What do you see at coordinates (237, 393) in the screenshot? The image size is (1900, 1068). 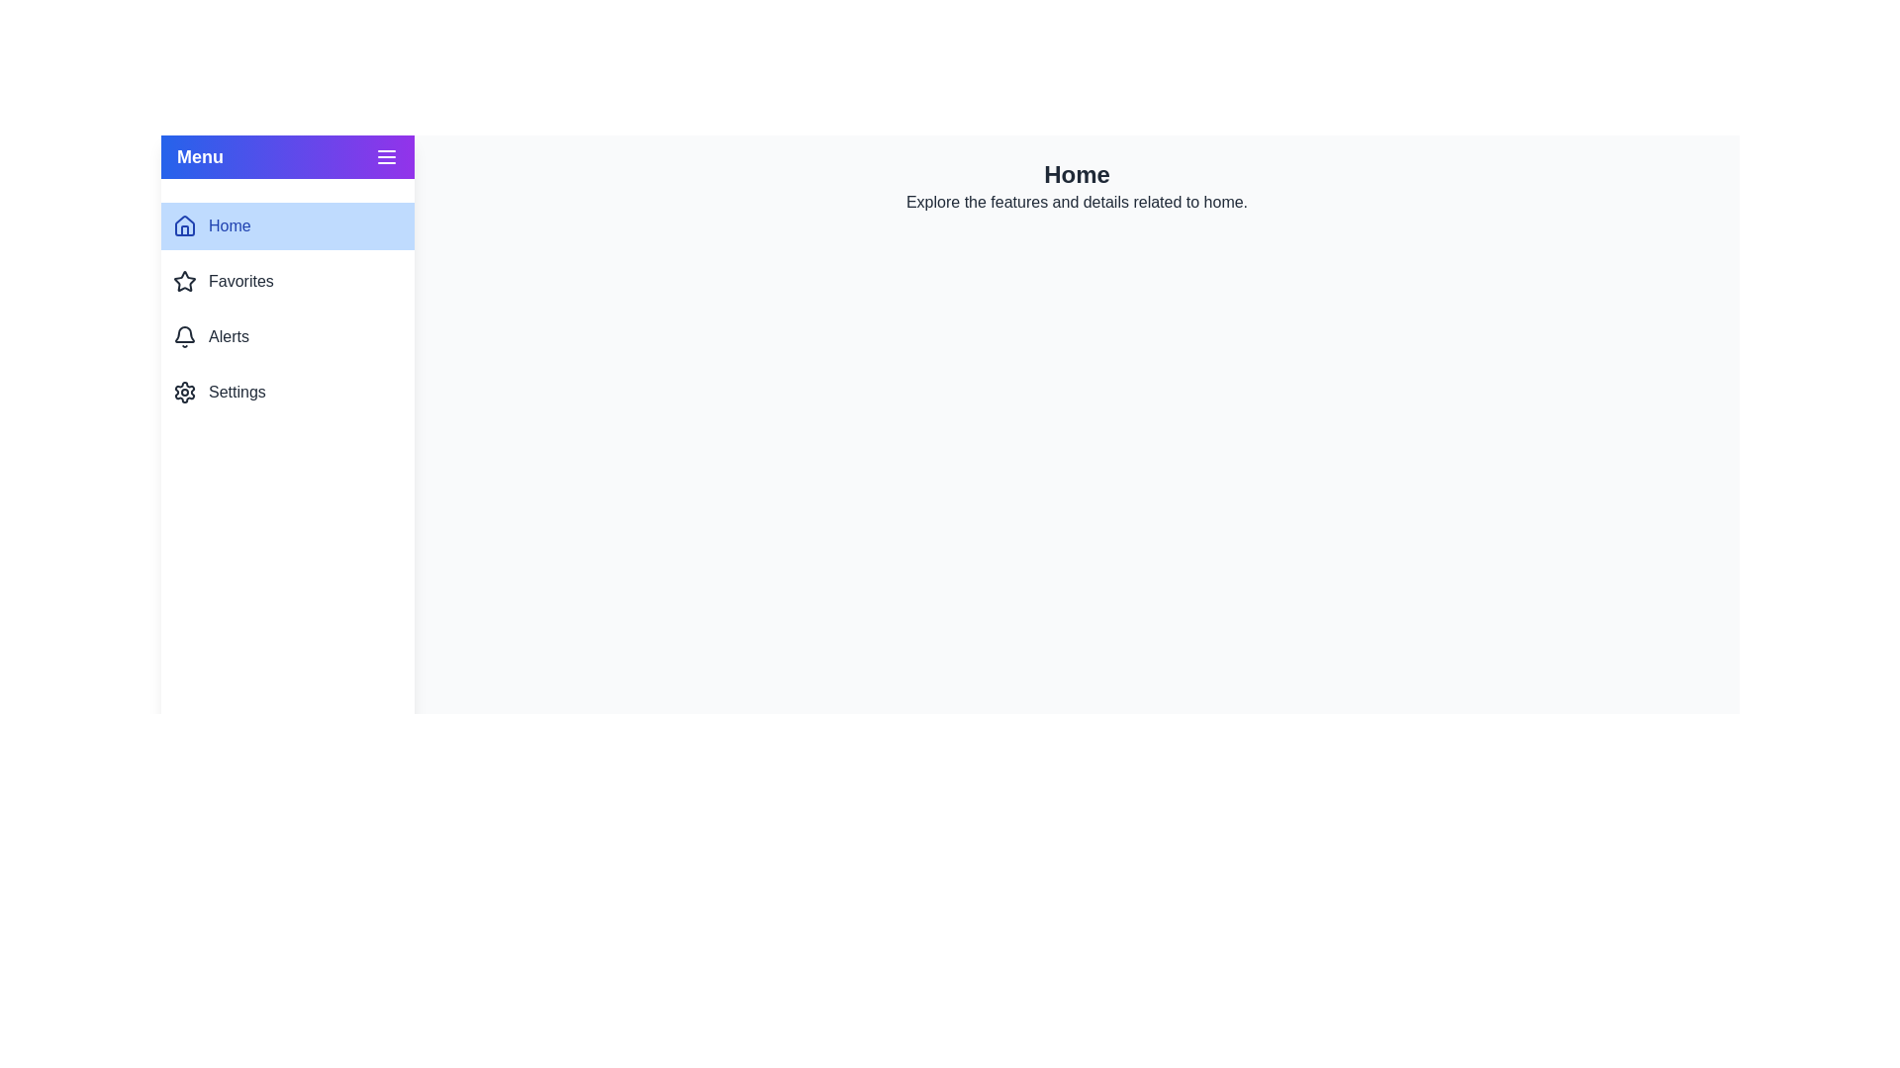 I see `the settings text label located in the left-hand navigation panel, fourth from the top, below the 'Alerts' option` at bounding box center [237, 393].